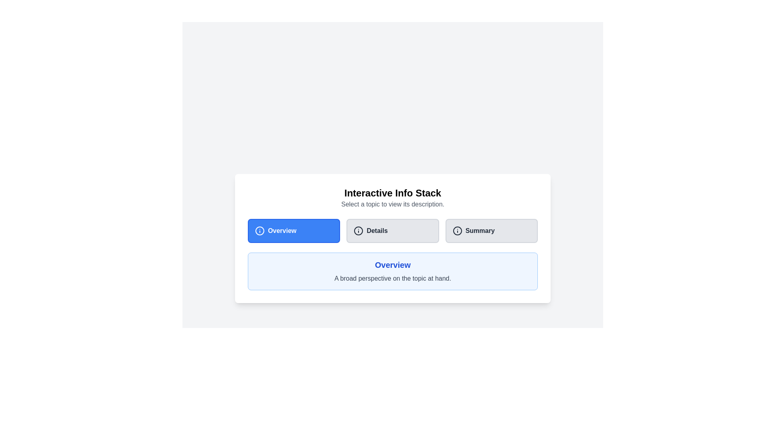 The height and width of the screenshot is (433, 770). Describe the element at coordinates (393, 204) in the screenshot. I see `the static text label that guides the user to choose a topic for its description, located beneath the 'Interactive Info Stack' header` at that location.